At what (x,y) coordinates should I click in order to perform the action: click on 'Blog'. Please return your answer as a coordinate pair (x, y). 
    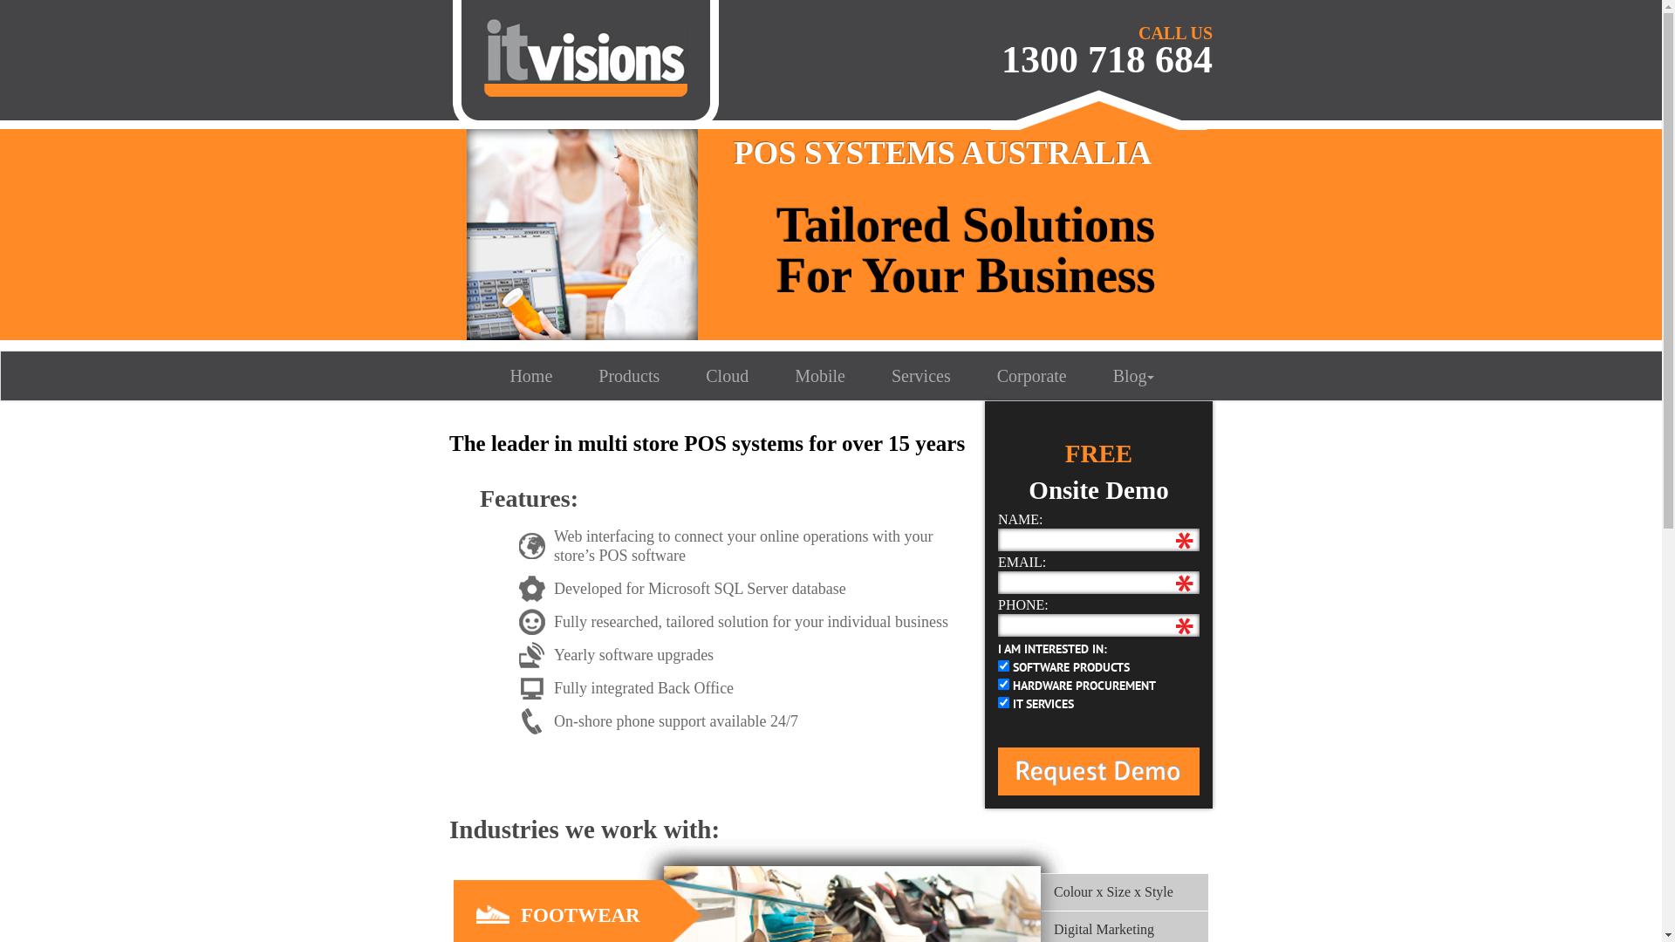
    Looking at the image, I should click on (1133, 375).